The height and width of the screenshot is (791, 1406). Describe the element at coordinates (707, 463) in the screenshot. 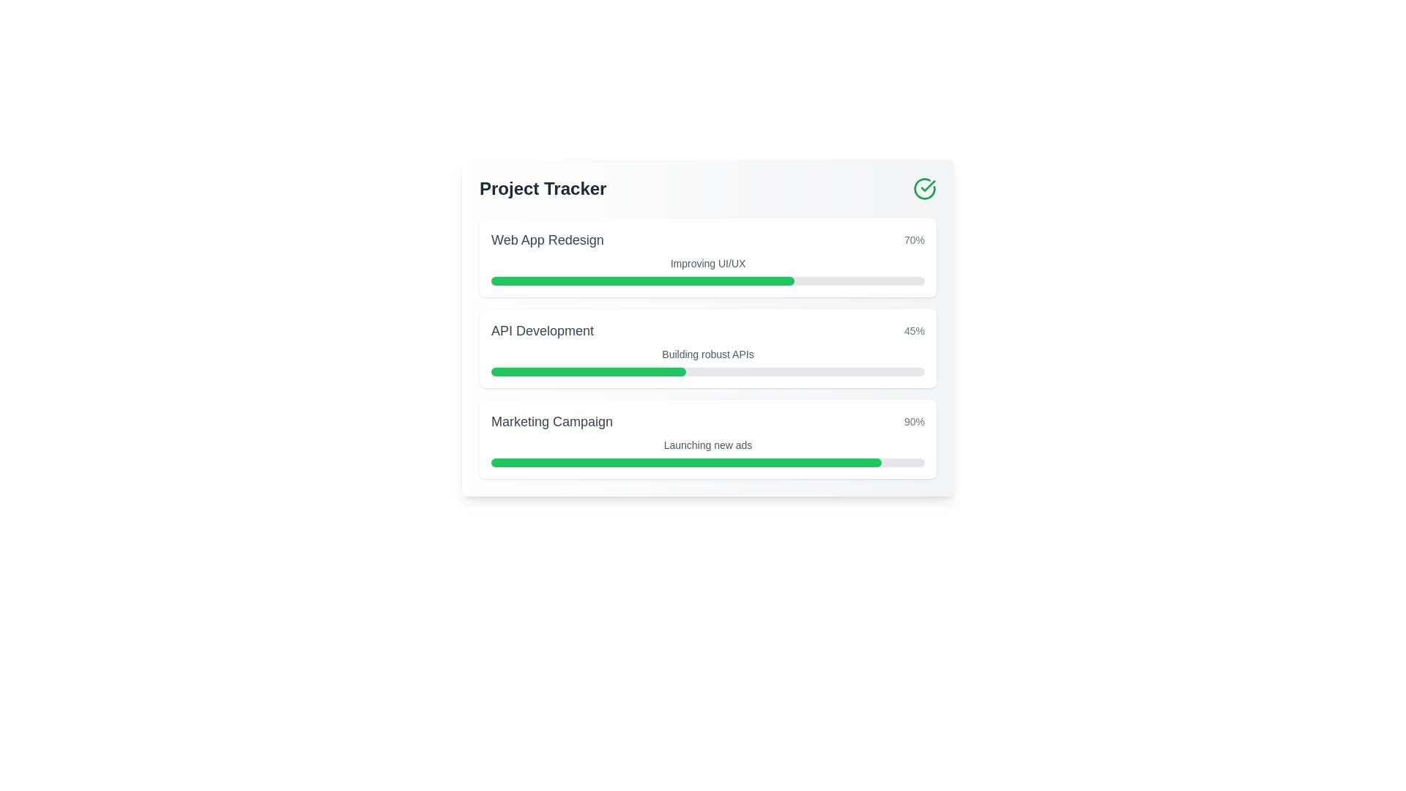

I see `the progress indicated by the progress bar located in the third section of the 'Marketing Campaign' card, directly below the text 'Launching new ads' which visually represents 90% progress` at that location.